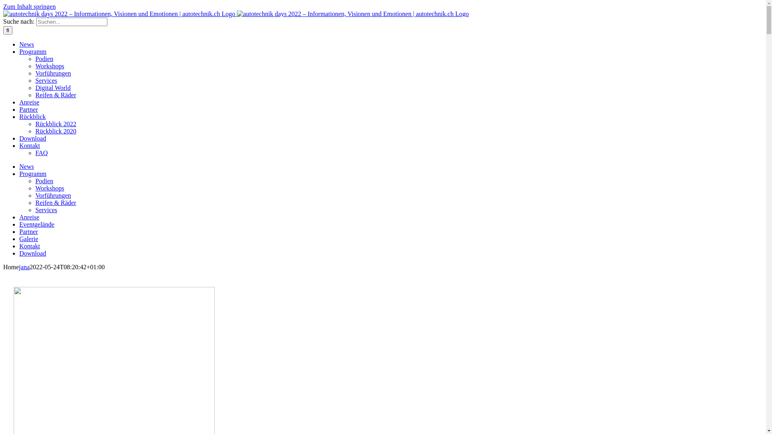 This screenshot has height=434, width=772. Describe the element at coordinates (35, 58) in the screenshot. I see `'Podien'` at that location.